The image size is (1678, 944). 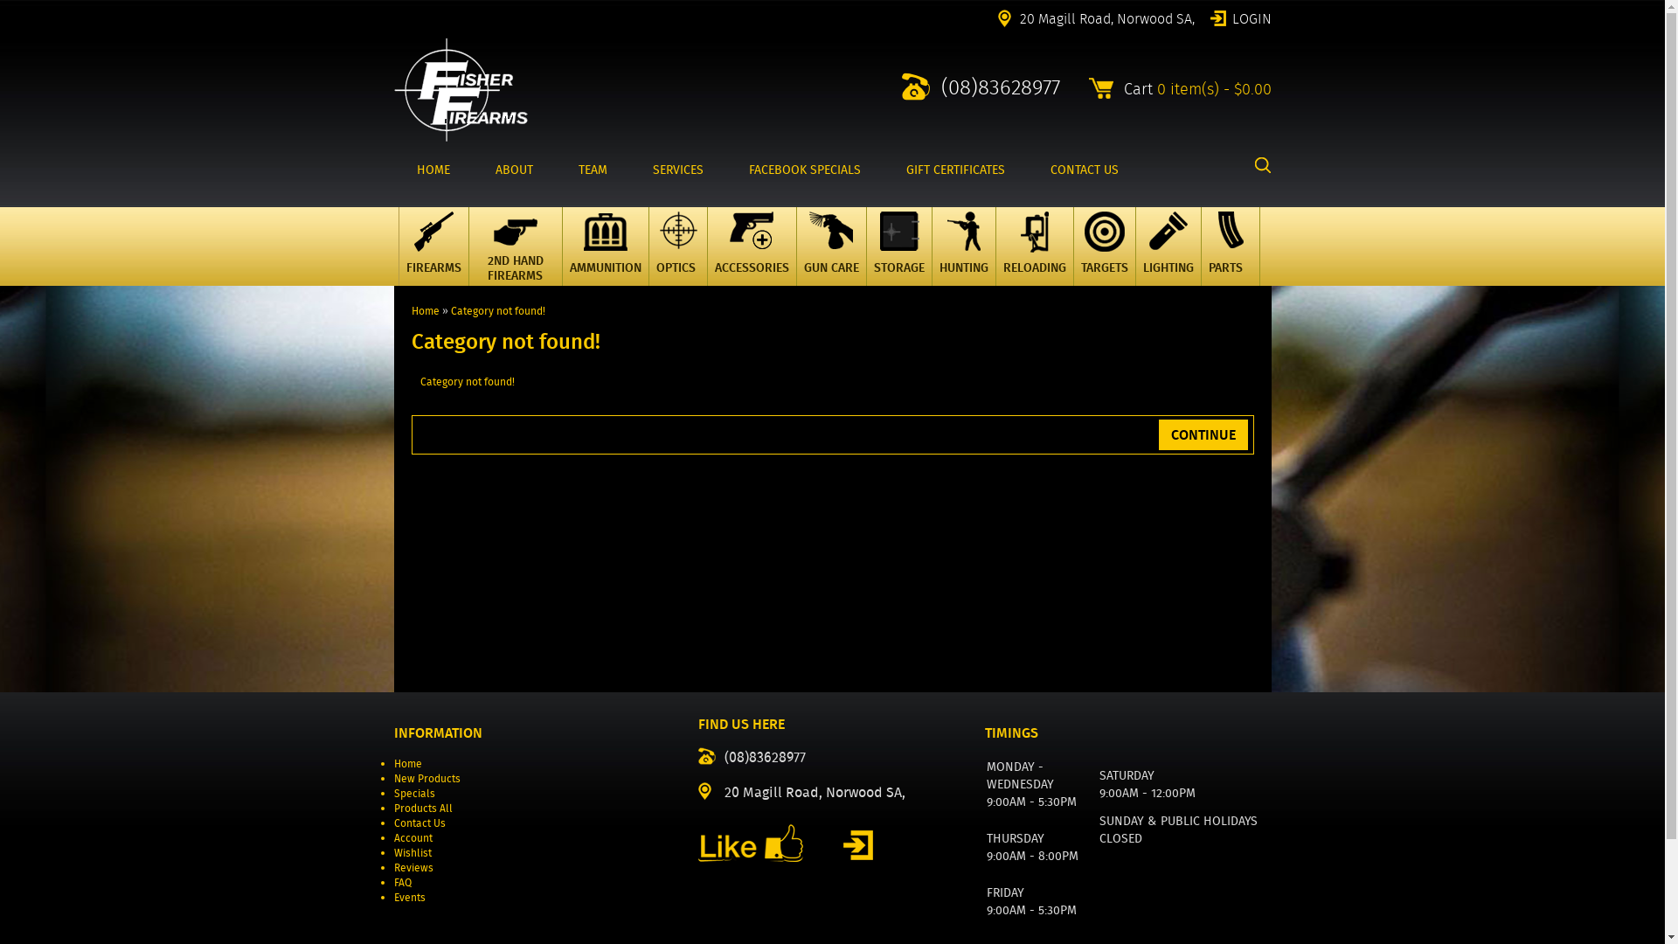 What do you see at coordinates (432, 170) in the screenshot?
I see `'HOME'` at bounding box center [432, 170].